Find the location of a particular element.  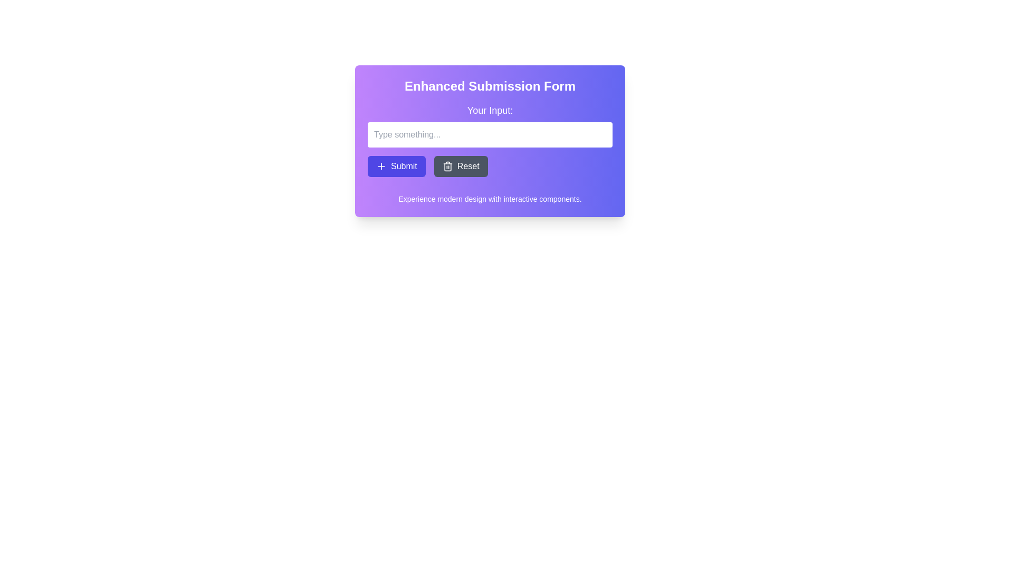

the reset action button located to the right of the 'Submit' button is located at coordinates (461, 166).